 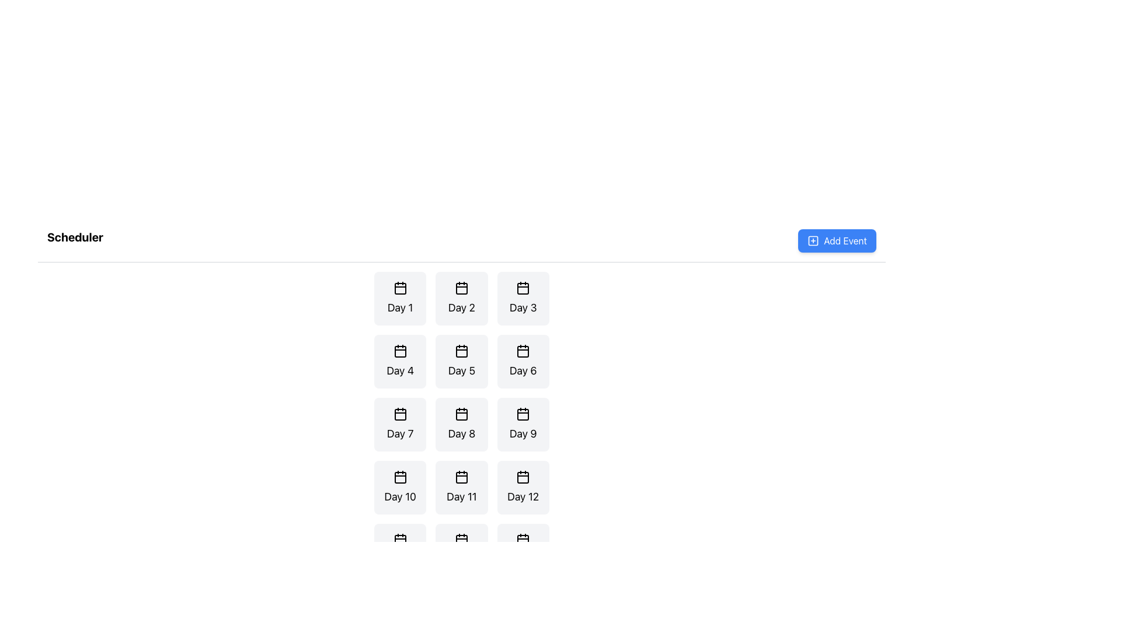 I want to click on the button labeled 'Day 8' which features a calendar icon and is styled with a light gray background, so click(x=461, y=425).